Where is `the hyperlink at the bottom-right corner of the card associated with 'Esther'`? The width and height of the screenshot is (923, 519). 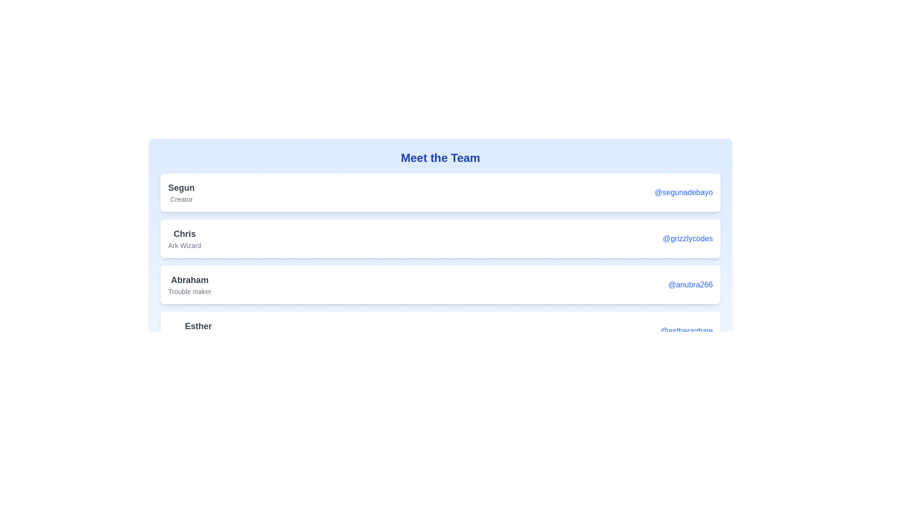 the hyperlink at the bottom-right corner of the card associated with 'Esther' is located at coordinates (686, 331).